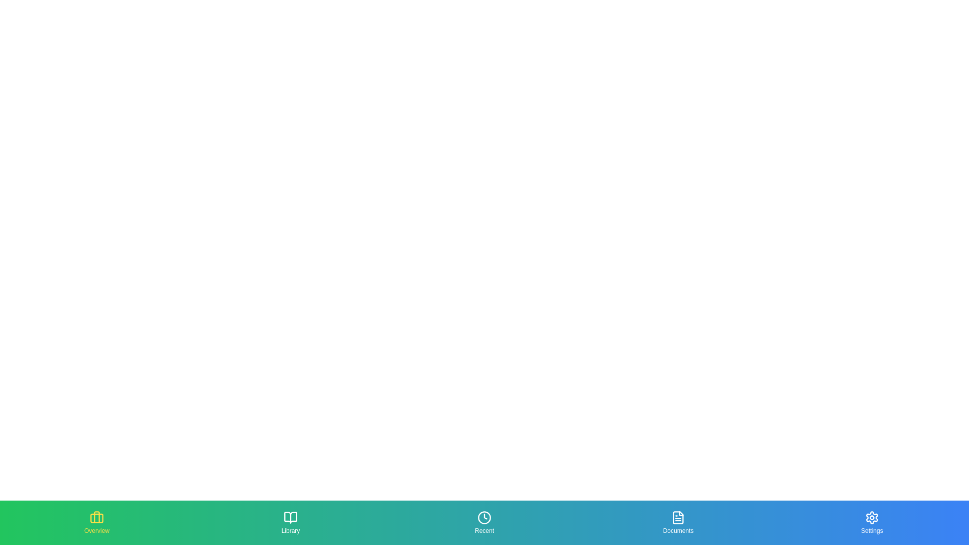 The image size is (969, 545). Describe the element at coordinates (484, 522) in the screenshot. I see `the section button corresponding to Recent` at that location.